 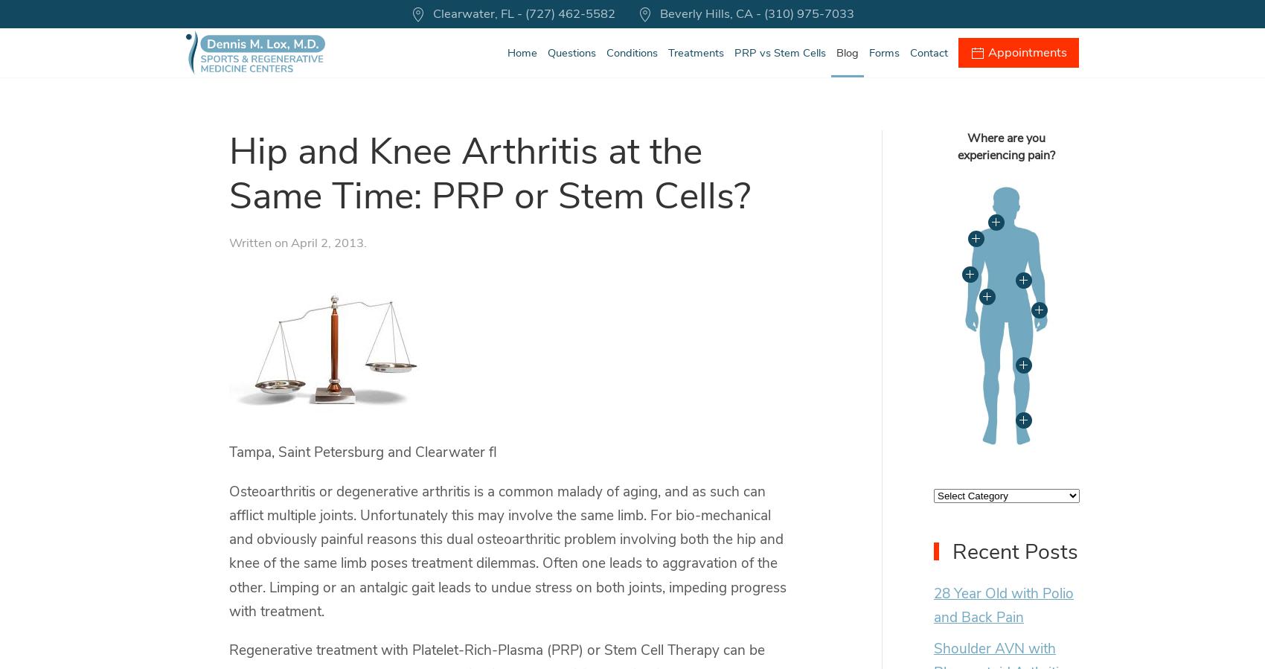 I want to click on 'Conditions', so click(x=631, y=51).